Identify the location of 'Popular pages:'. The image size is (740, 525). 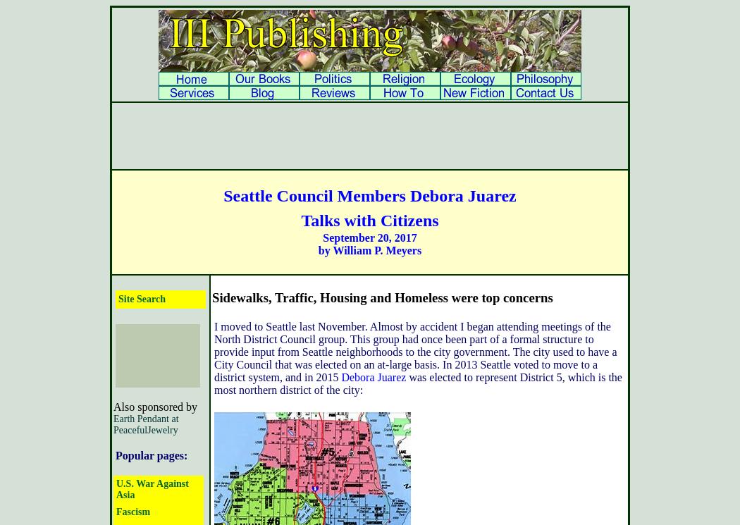
(116, 454).